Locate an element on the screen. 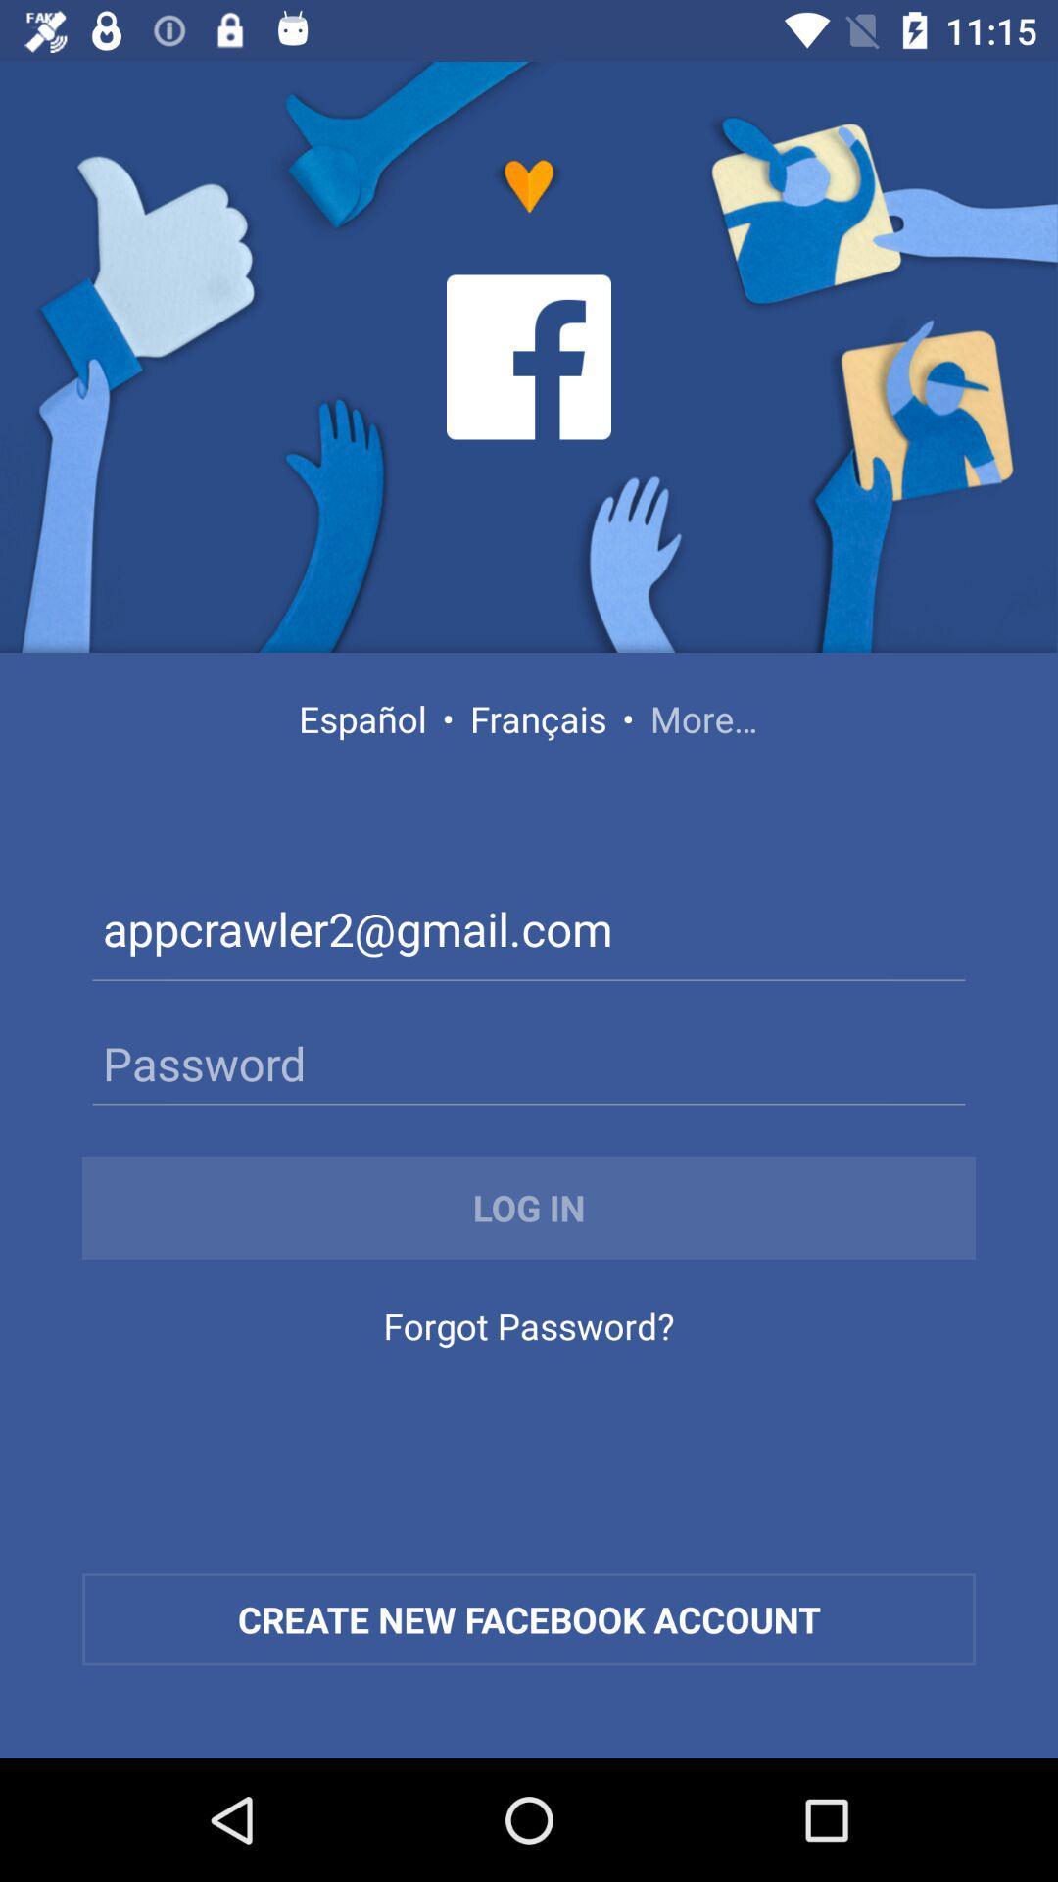  password button to click is located at coordinates (529, 1062).